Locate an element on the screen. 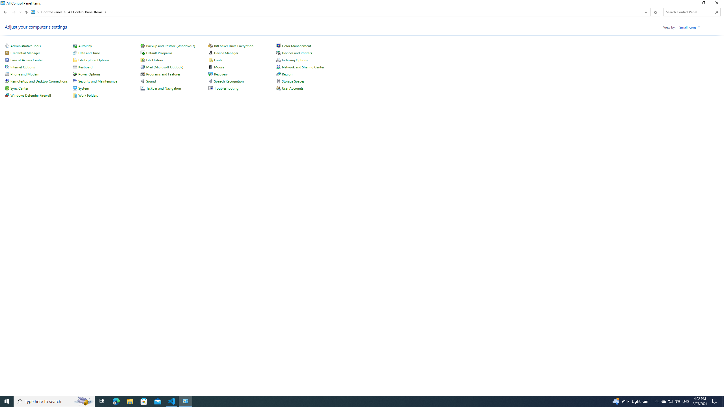 This screenshot has width=724, height=407. 'Backup and Restore (Windows 7)' is located at coordinates (170, 46).